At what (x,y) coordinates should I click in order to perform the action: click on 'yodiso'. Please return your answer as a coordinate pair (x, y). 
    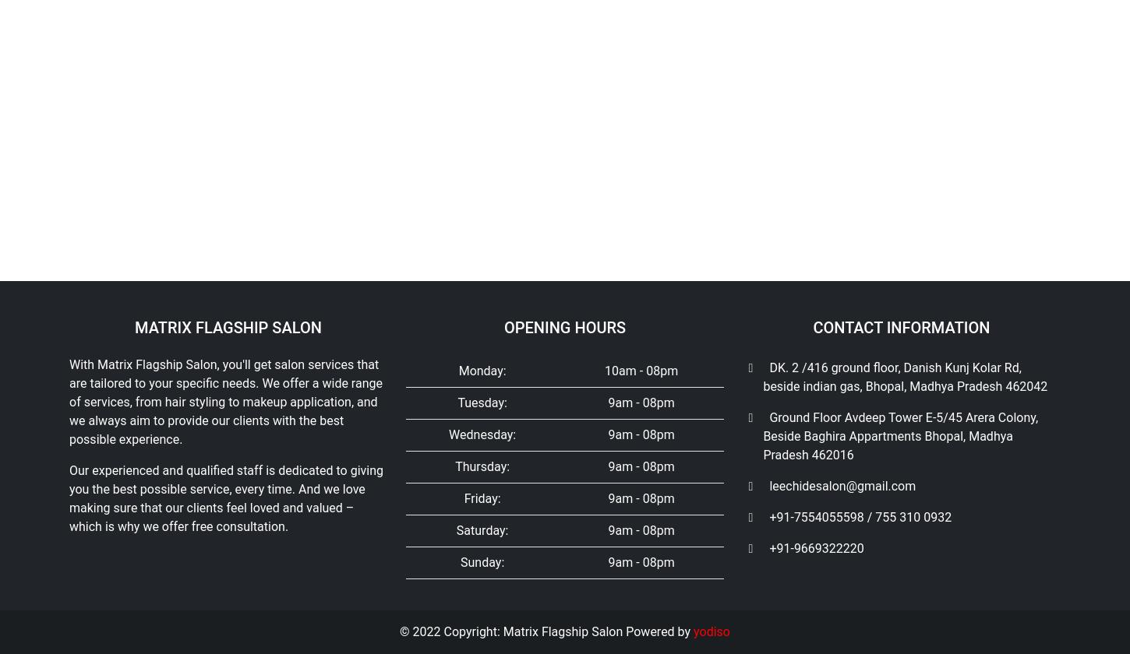
    Looking at the image, I should click on (711, 241).